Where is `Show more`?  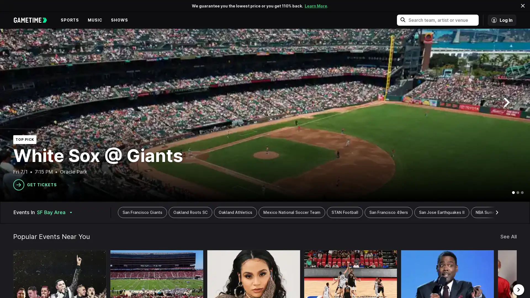 Show more is located at coordinates (497, 212).